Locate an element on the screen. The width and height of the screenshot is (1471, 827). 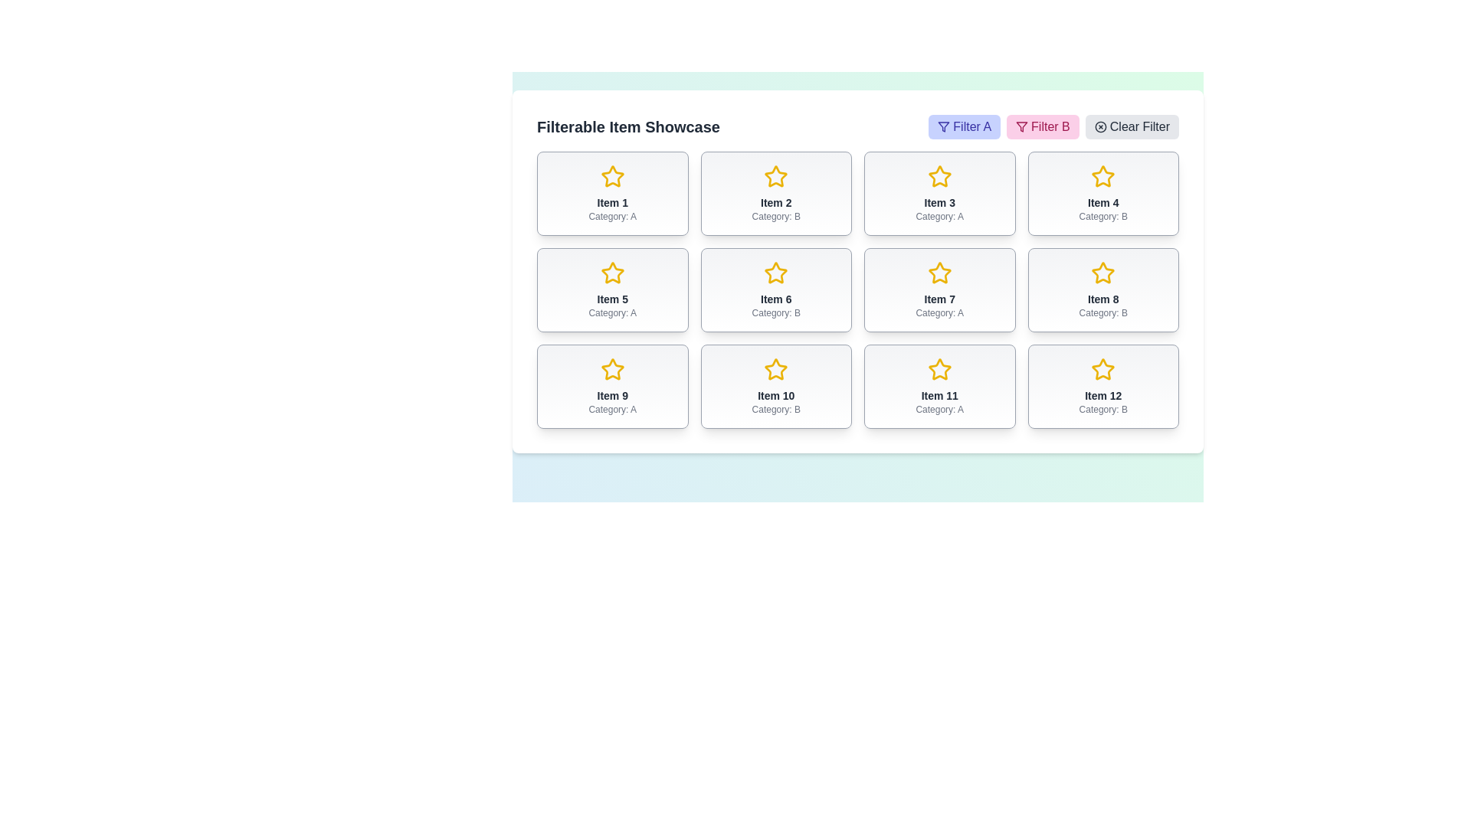
the text label displaying 'Category: A' which is located beneath the 'Item 7' title in the second row and fourth column of the grid layout is located at coordinates (939, 312).